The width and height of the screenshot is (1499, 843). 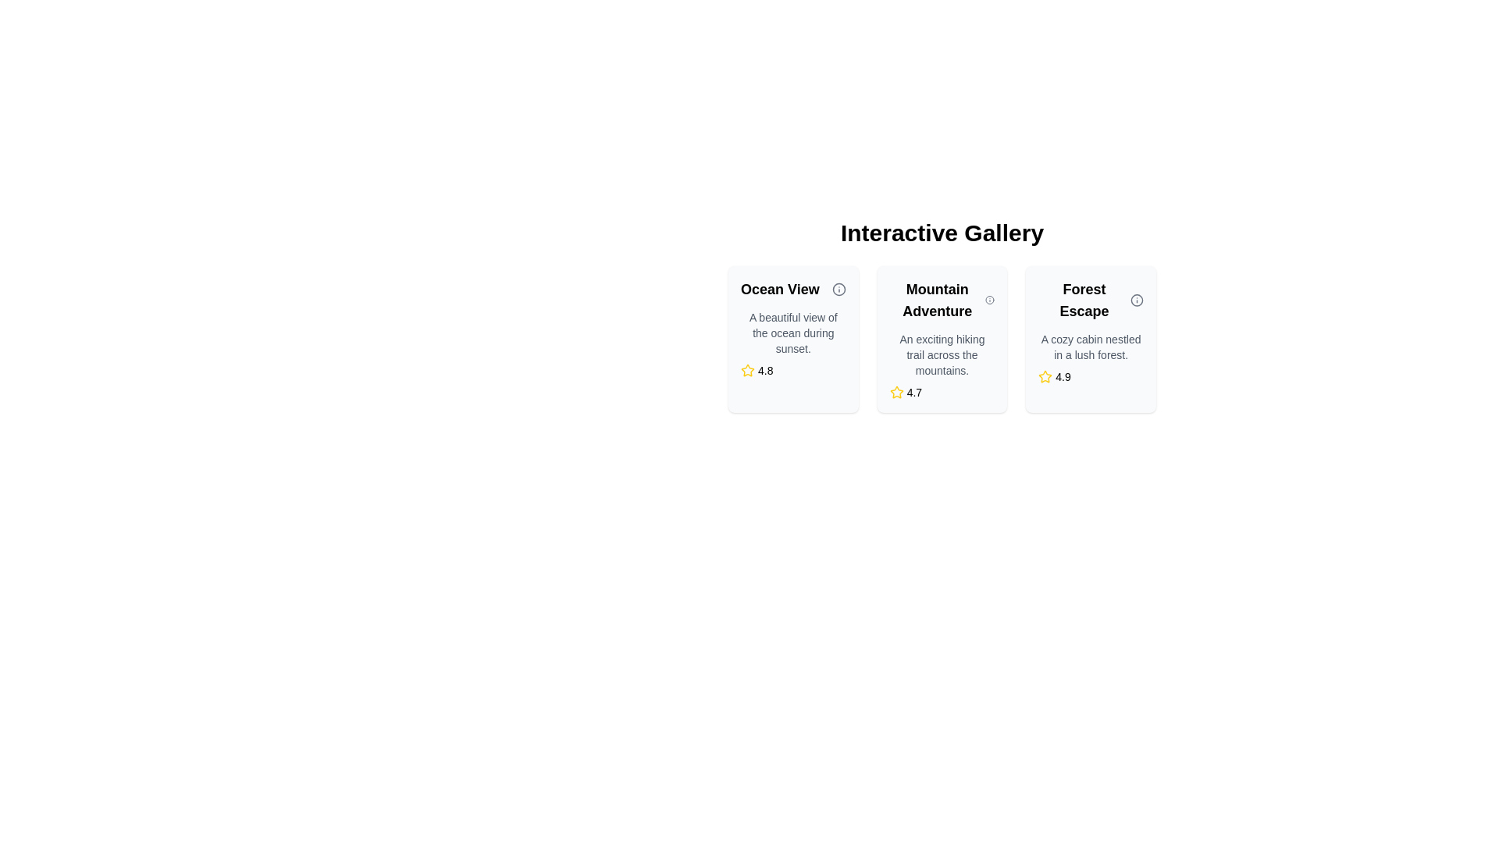 I want to click on the 'Mountain Adventure' text label, so click(x=940, y=301).